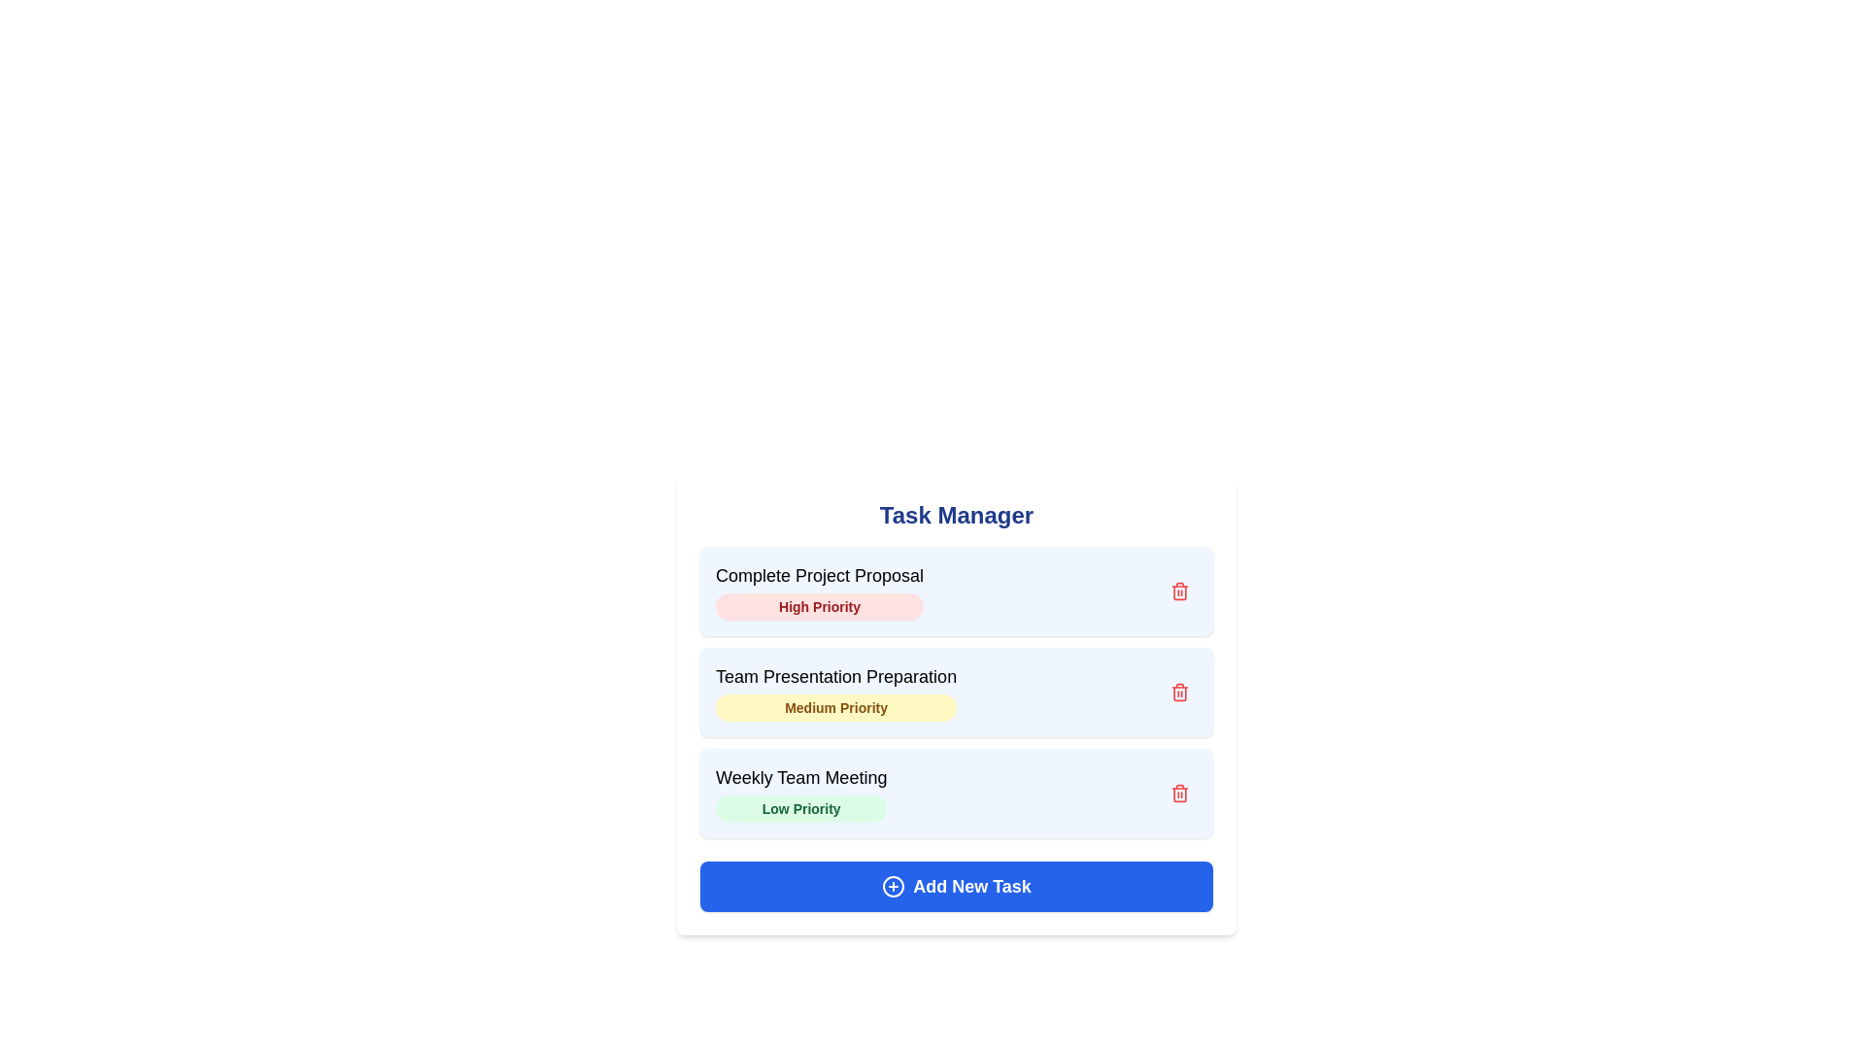  Describe the element at coordinates (1178, 794) in the screenshot. I see `delete button for the task titled 'Weekly Team Meeting'` at that location.